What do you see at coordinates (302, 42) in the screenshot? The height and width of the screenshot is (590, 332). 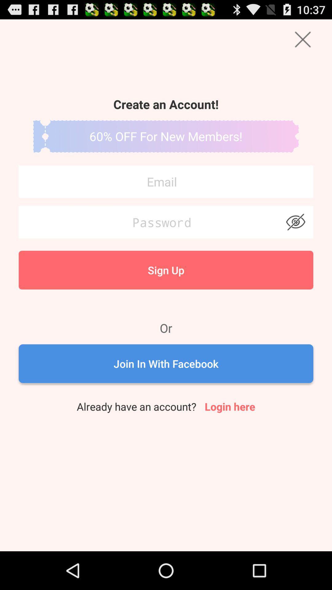 I see `the close icon` at bounding box center [302, 42].